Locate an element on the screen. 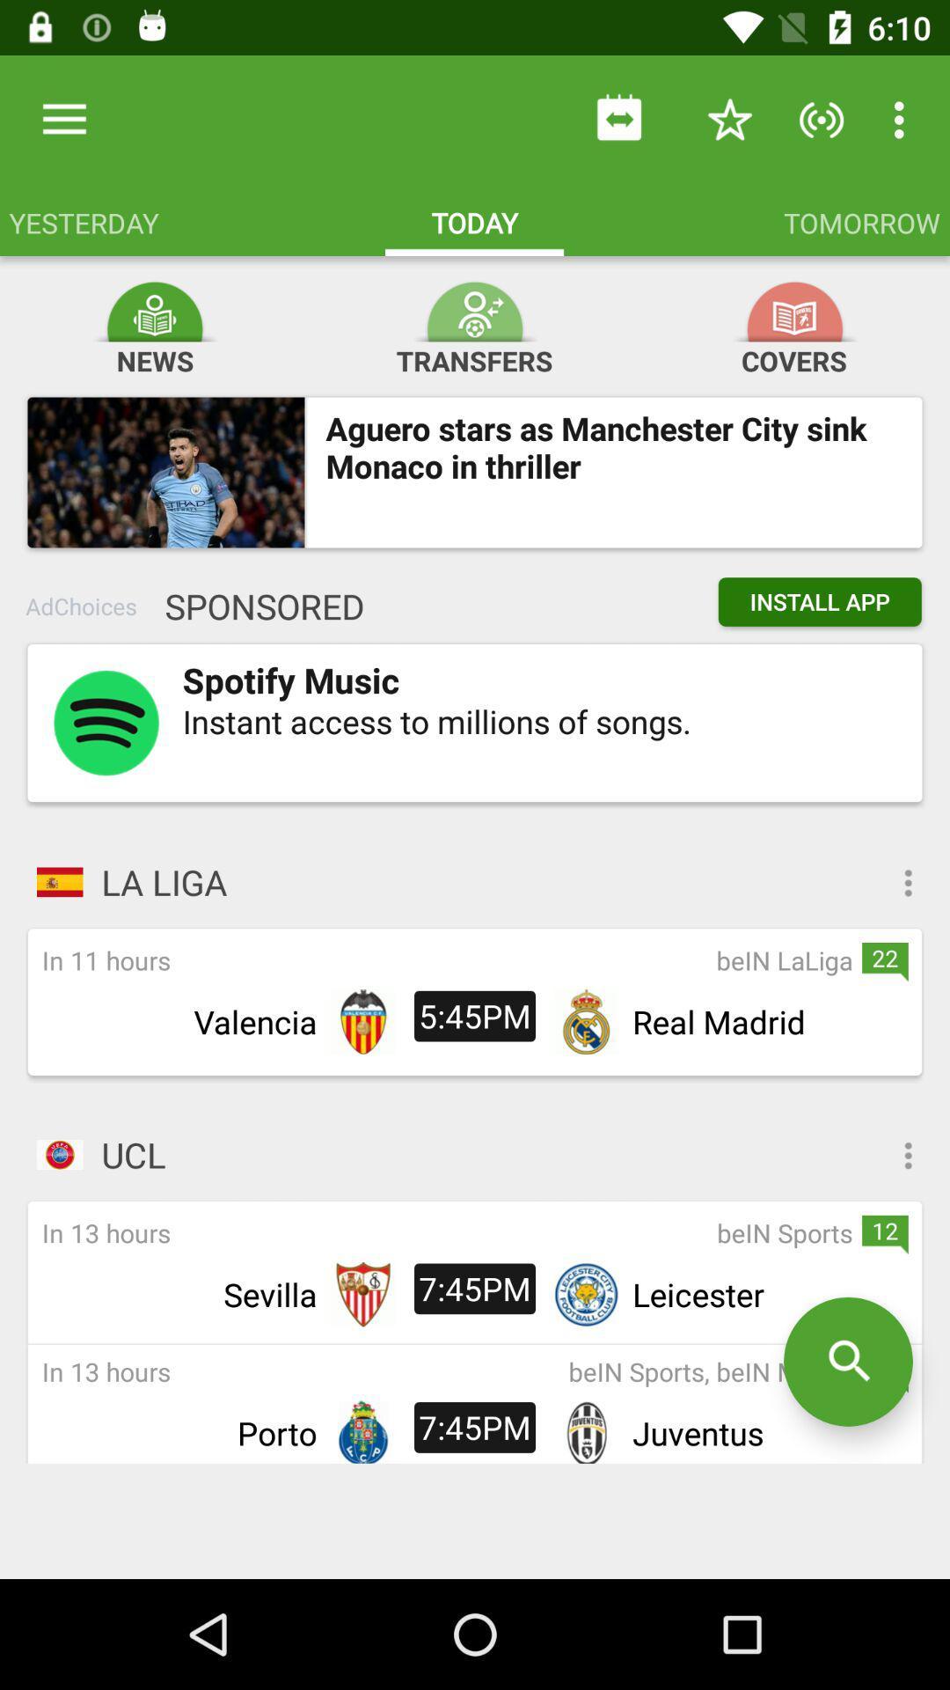  the search icon is located at coordinates (847, 1361).